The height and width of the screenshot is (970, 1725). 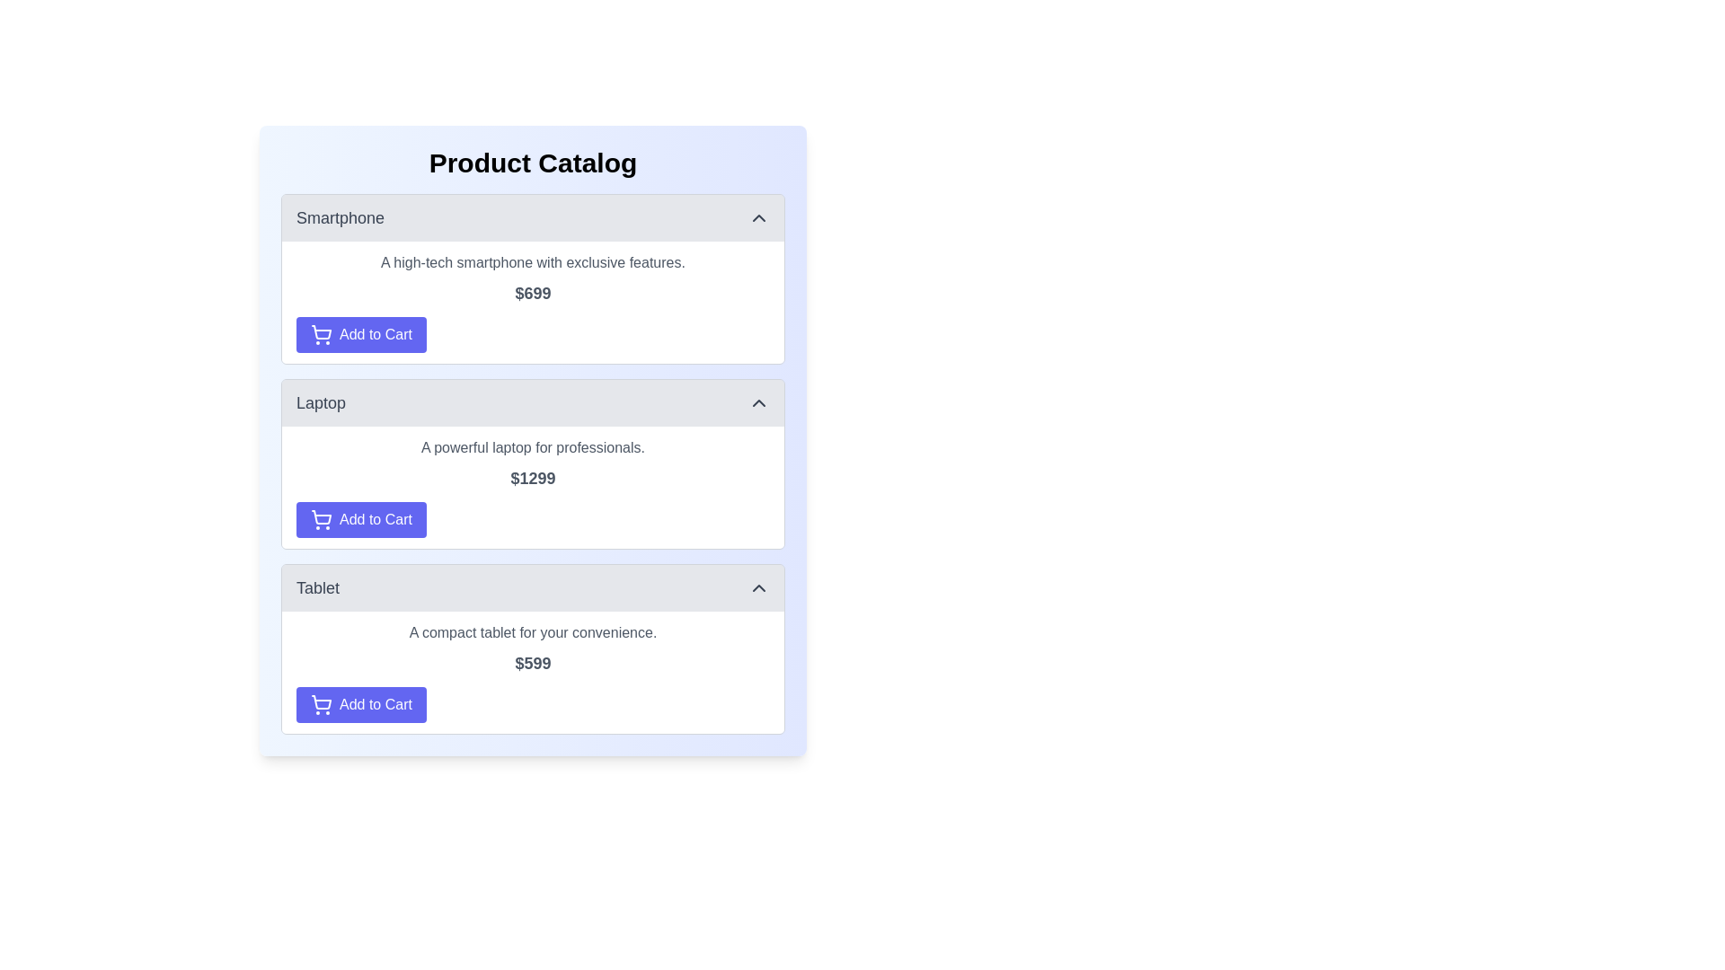 I want to click on the Chevron Collapse/Expand Button located on the rightmost side of the 'Laptop' section, so click(x=758, y=401).